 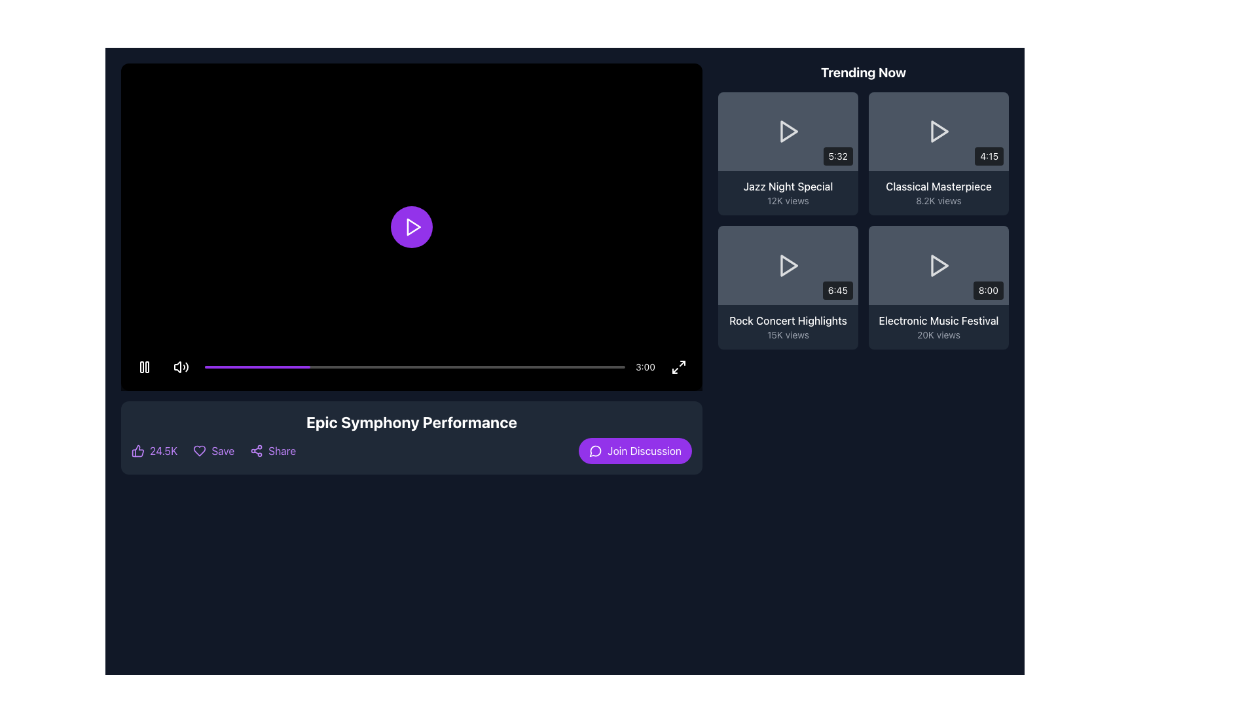 What do you see at coordinates (938, 131) in the screenshot?
I see `the triangular play icon button located in the second item of the 2x2 grid in the 'Trending Now' section` at bounding box center [938, 131].